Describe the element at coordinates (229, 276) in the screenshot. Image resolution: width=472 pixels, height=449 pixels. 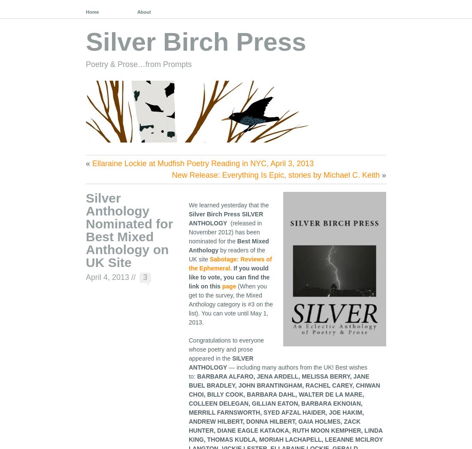
I see `'If you would like to vote, you can find the link on this'` at that location.